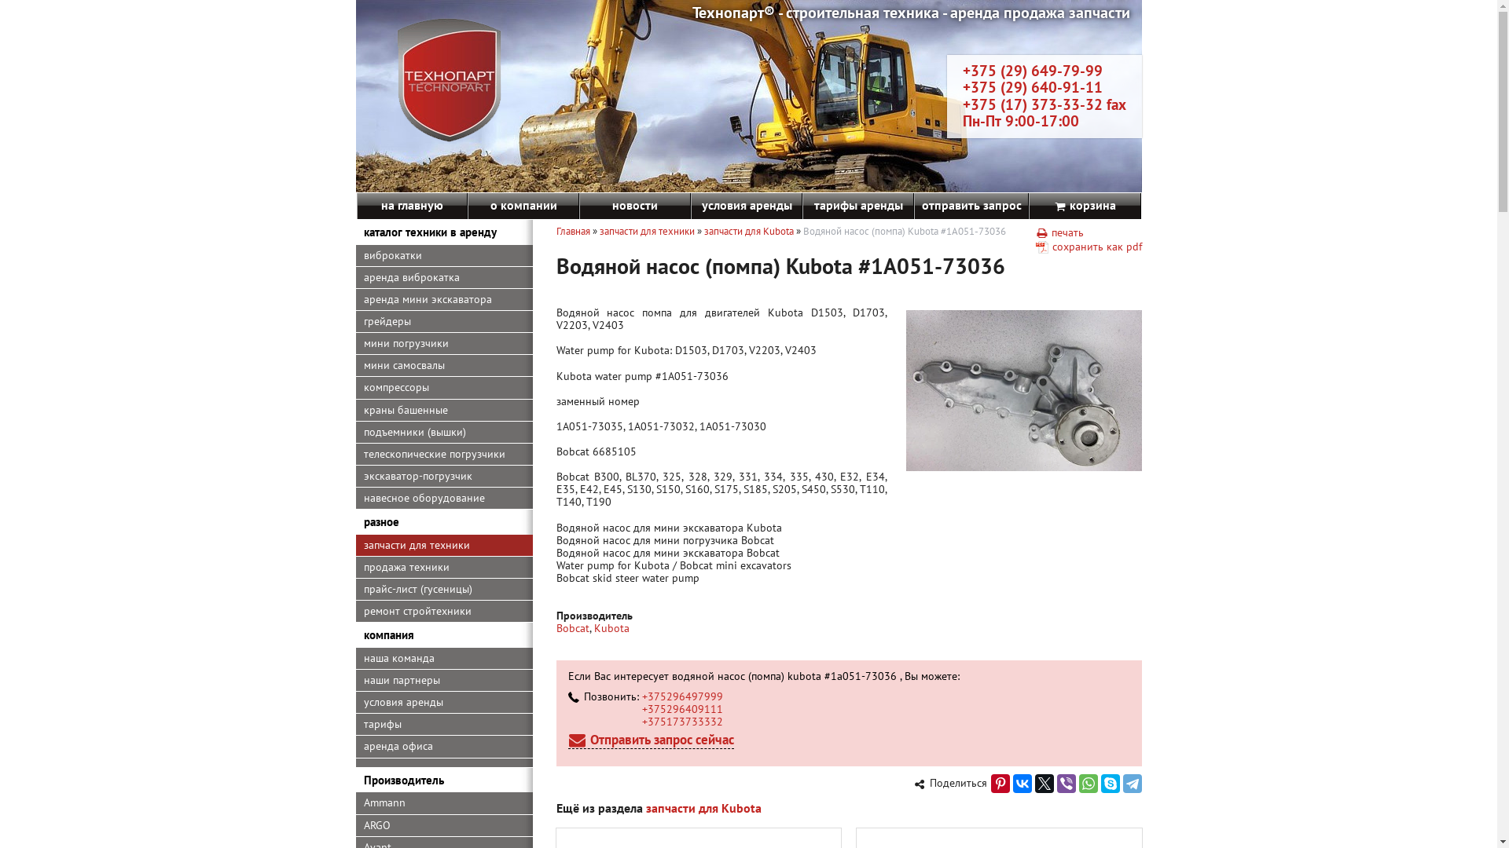 The image size is (1509, 848). What do you see at coordinates (1034, 784) in the screenshot?
I see `'Twitter'` at bounding box center [1034, 784].